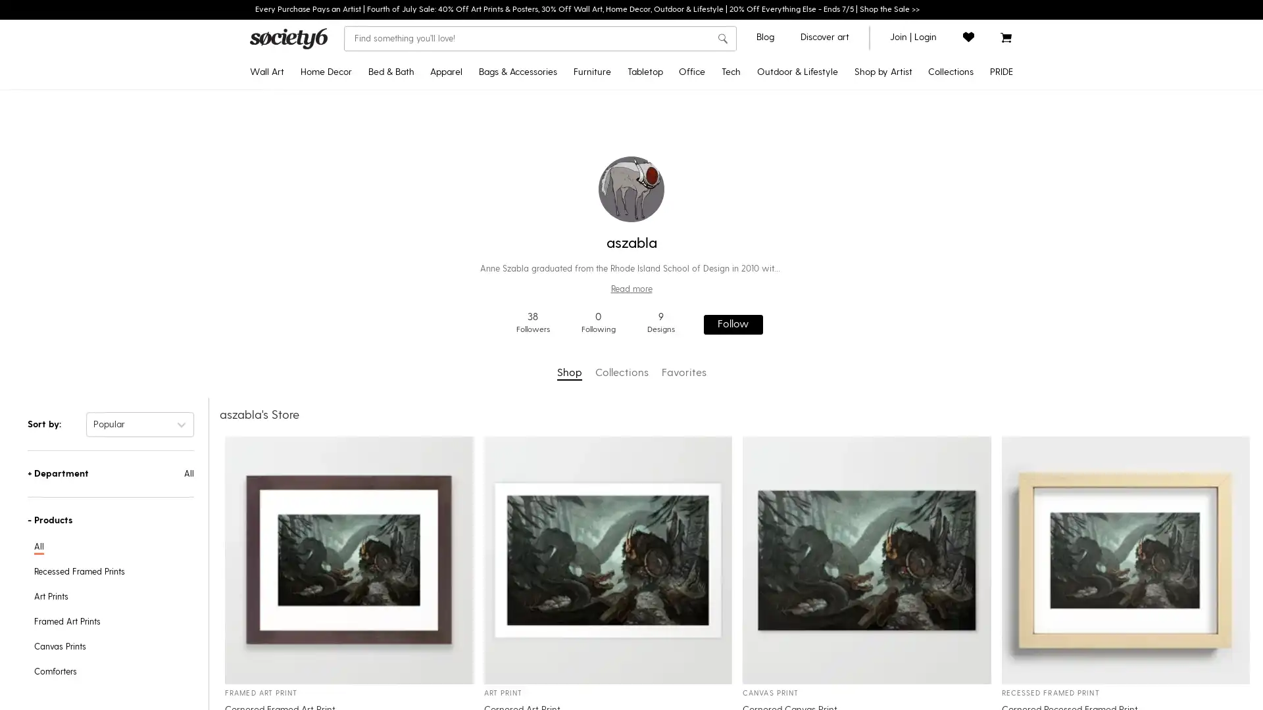 The image size is (1263, 710). Describe the element at coordinates (309, 210) in the screenshot. I see `Tapestries` at that location.